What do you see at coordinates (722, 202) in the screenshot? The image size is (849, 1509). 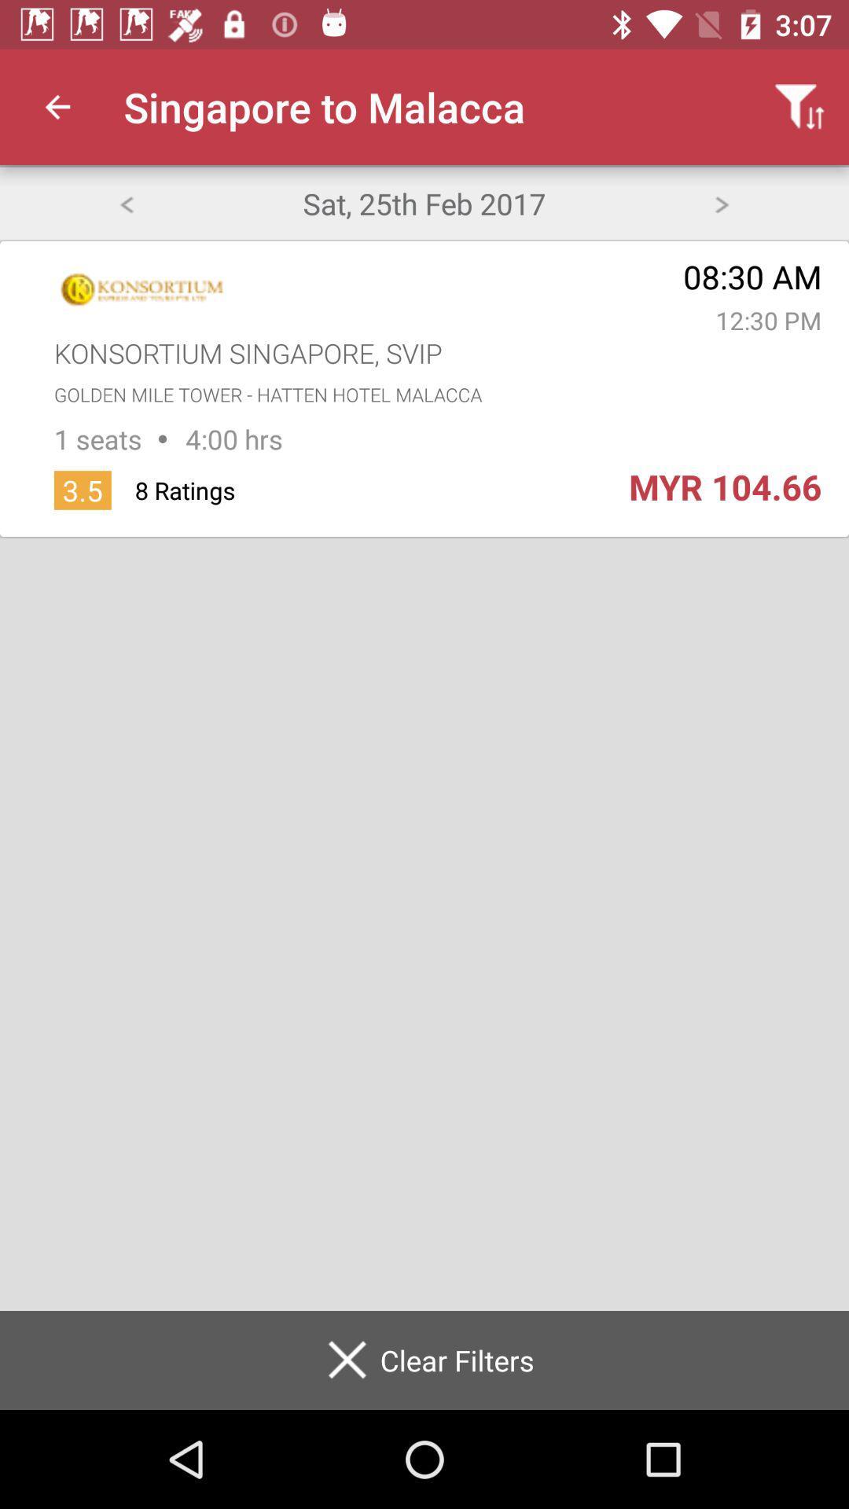 I see `next` at bounding box center [722, 202].